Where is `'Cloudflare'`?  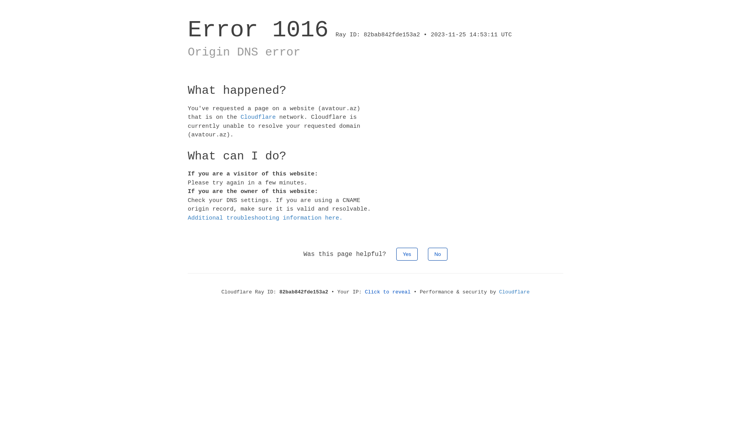
'Cloudflare' is located at coordinates (240, 117).